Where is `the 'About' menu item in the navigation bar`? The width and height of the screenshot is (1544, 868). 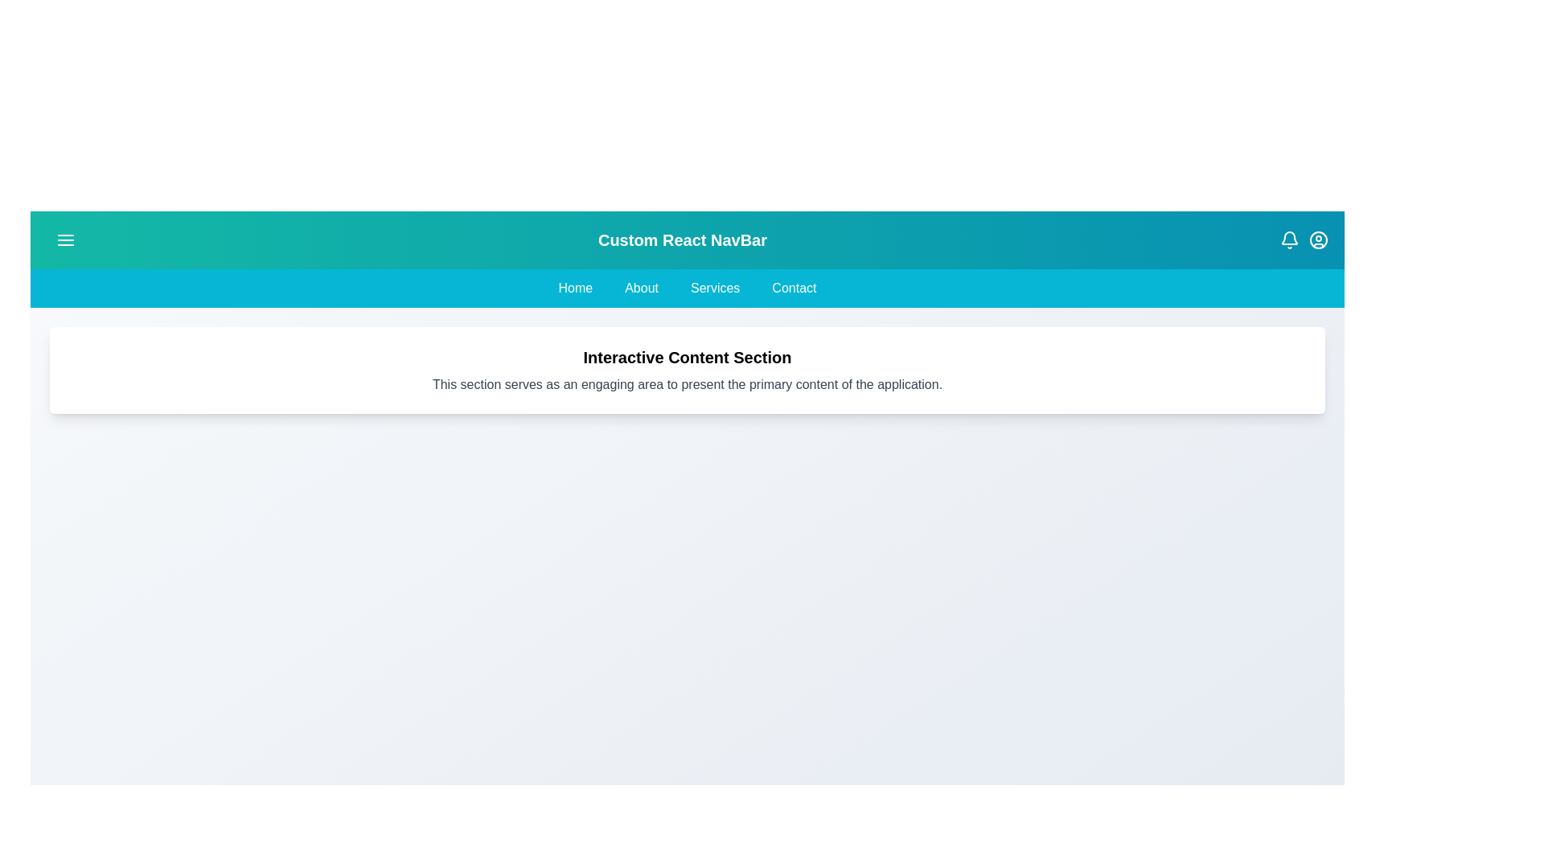
the 'About' menu item in the navigation bar is located at coordinates (640, 287).